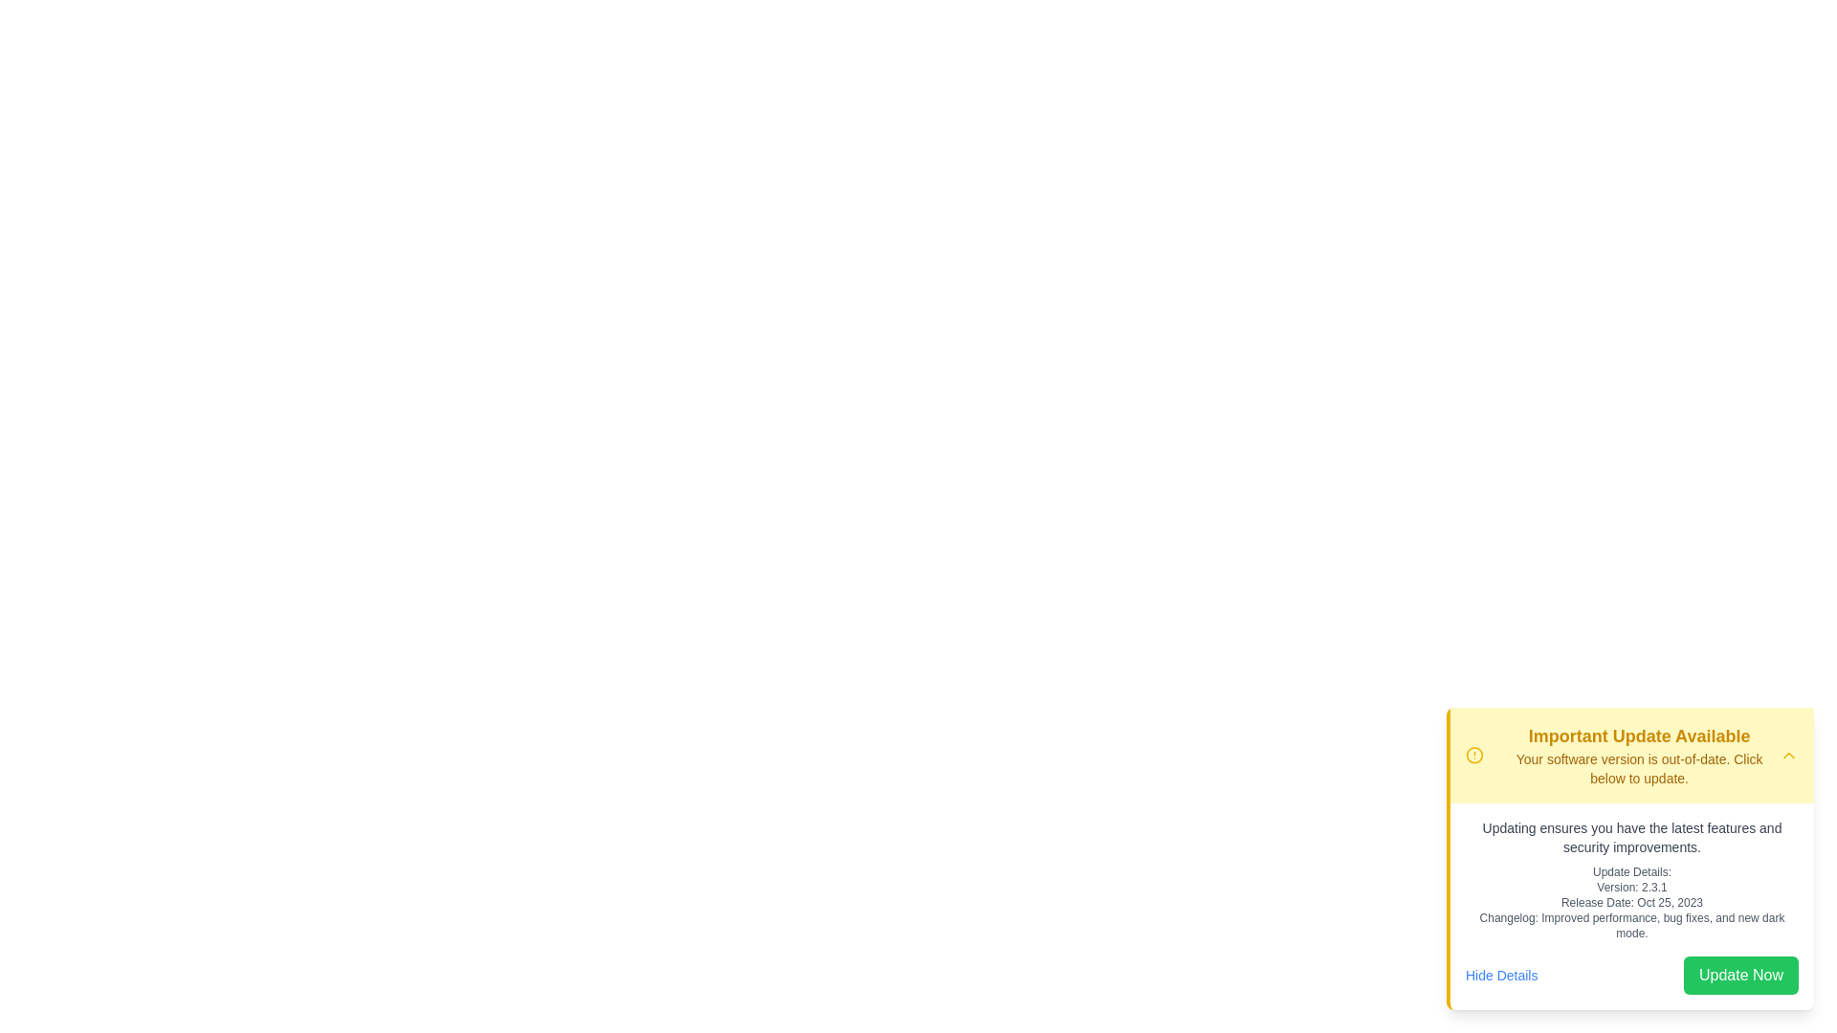 This screenshot has height=1033, width=1837. I want to click on the Informational text section that displays update information, including the heading 'Update Details:', version, release date, and changelog description, so click(1630, 903).